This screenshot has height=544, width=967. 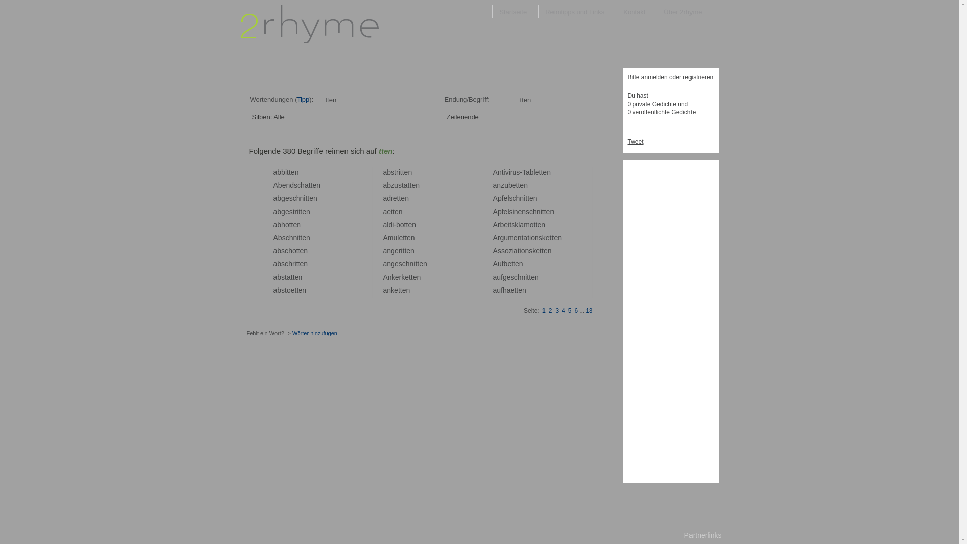 I want to click on 'Partnerlinks', so click(x=684, y=530).